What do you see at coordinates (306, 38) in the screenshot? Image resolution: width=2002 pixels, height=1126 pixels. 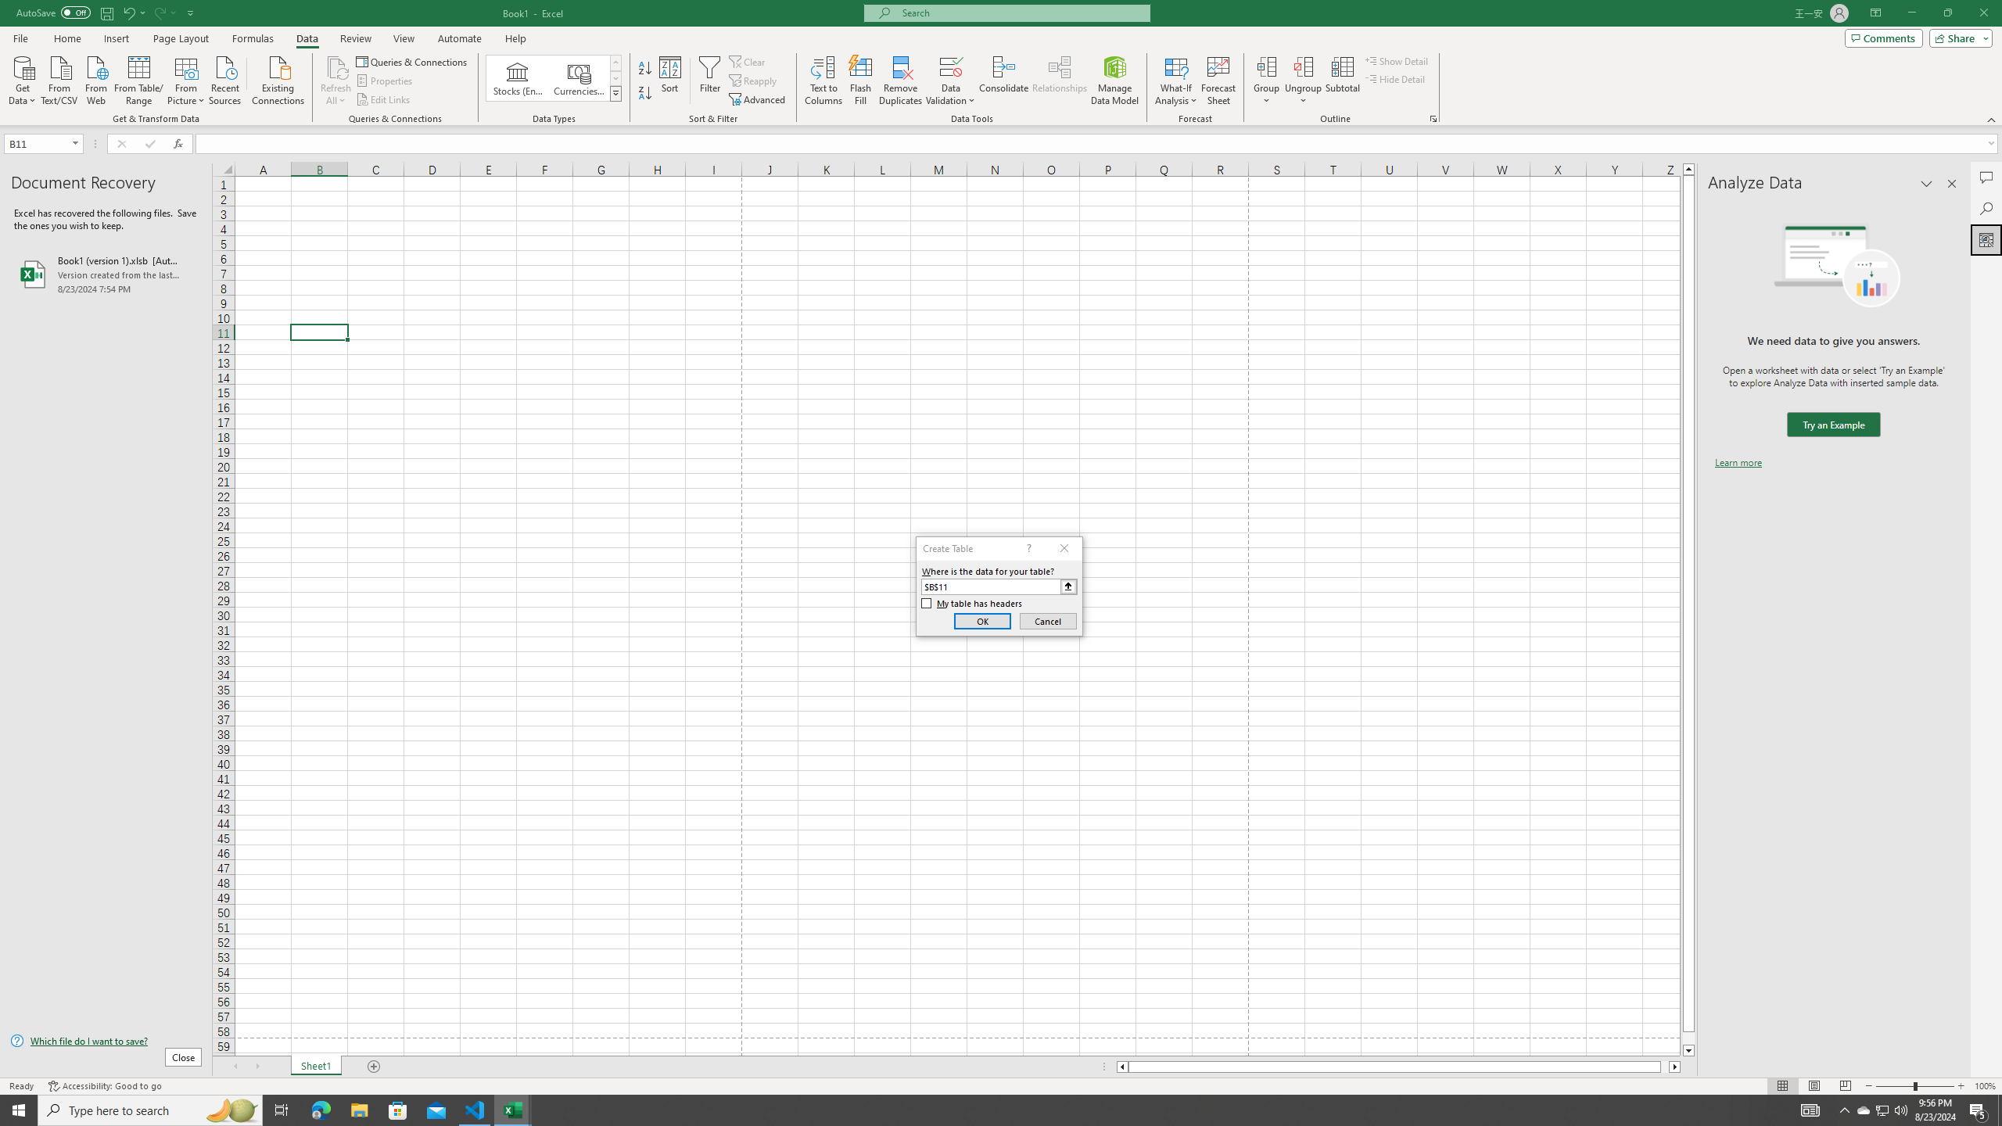 I see `'Data'` at bounding box center [306, 38].